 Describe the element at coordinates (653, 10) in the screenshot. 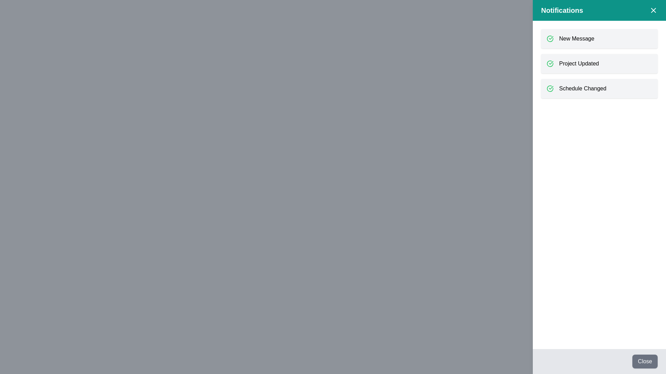

I see `the close button for the notifications panel located at the top right corner of the 'Notifications' header section` at that location.